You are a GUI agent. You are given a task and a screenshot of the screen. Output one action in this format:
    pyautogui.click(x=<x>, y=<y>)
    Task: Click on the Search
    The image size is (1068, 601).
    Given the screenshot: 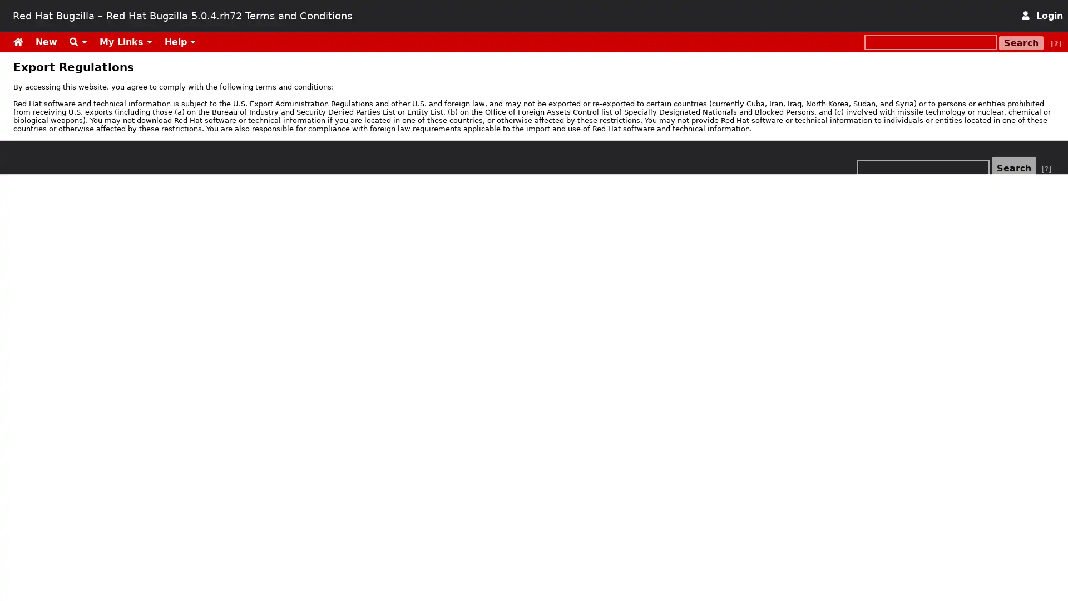 What is the action you would take?
    pyautogui.click(x=1014, y=168)
    